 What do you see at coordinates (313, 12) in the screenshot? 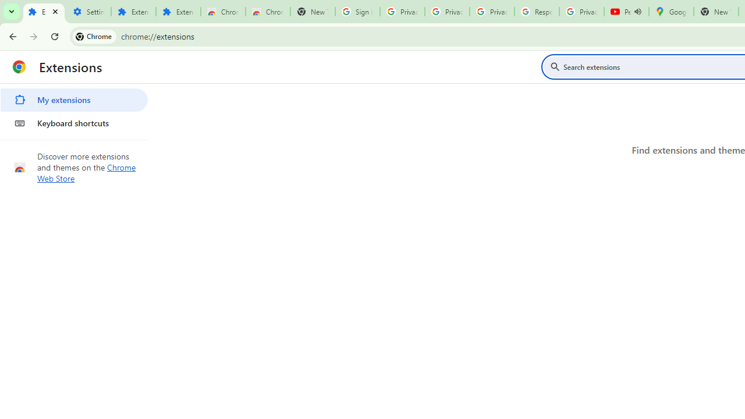
I see `'New Tab'` at bounding box center [313, 12].